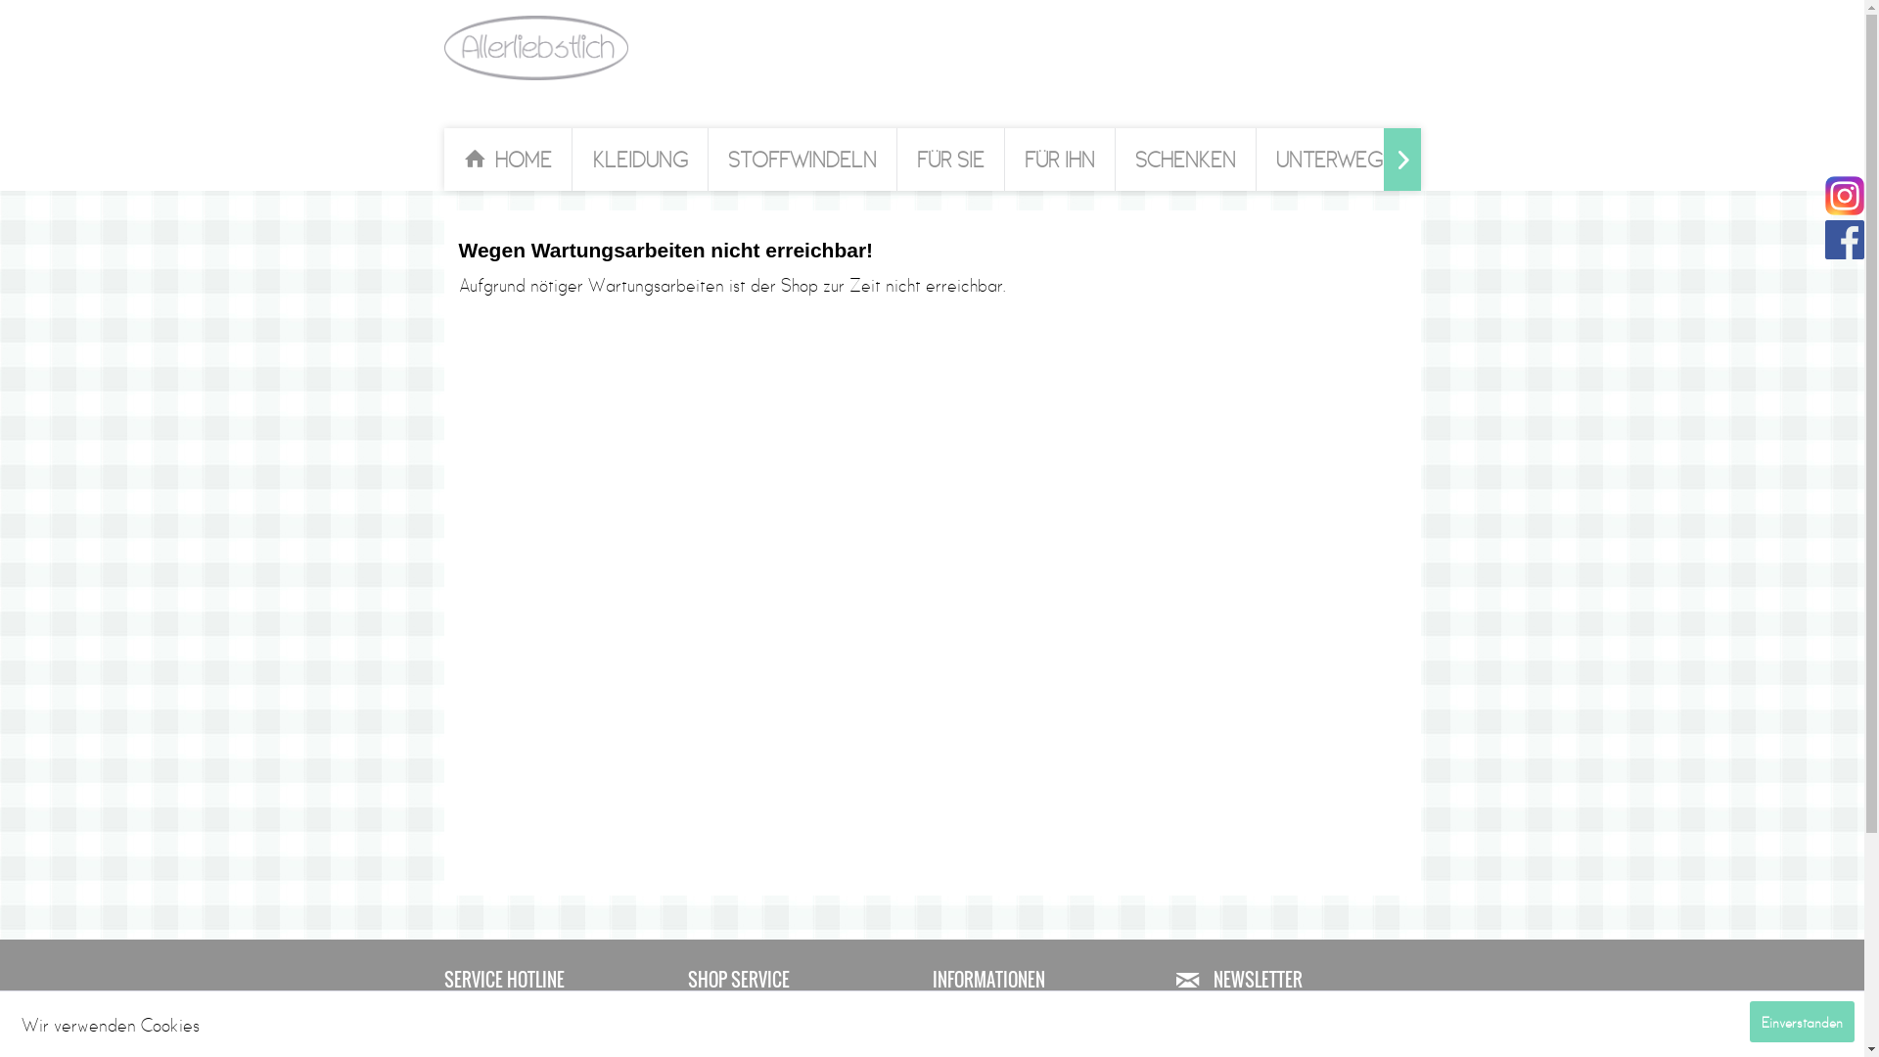  I want to click on 'HOME', so click(507, 158).